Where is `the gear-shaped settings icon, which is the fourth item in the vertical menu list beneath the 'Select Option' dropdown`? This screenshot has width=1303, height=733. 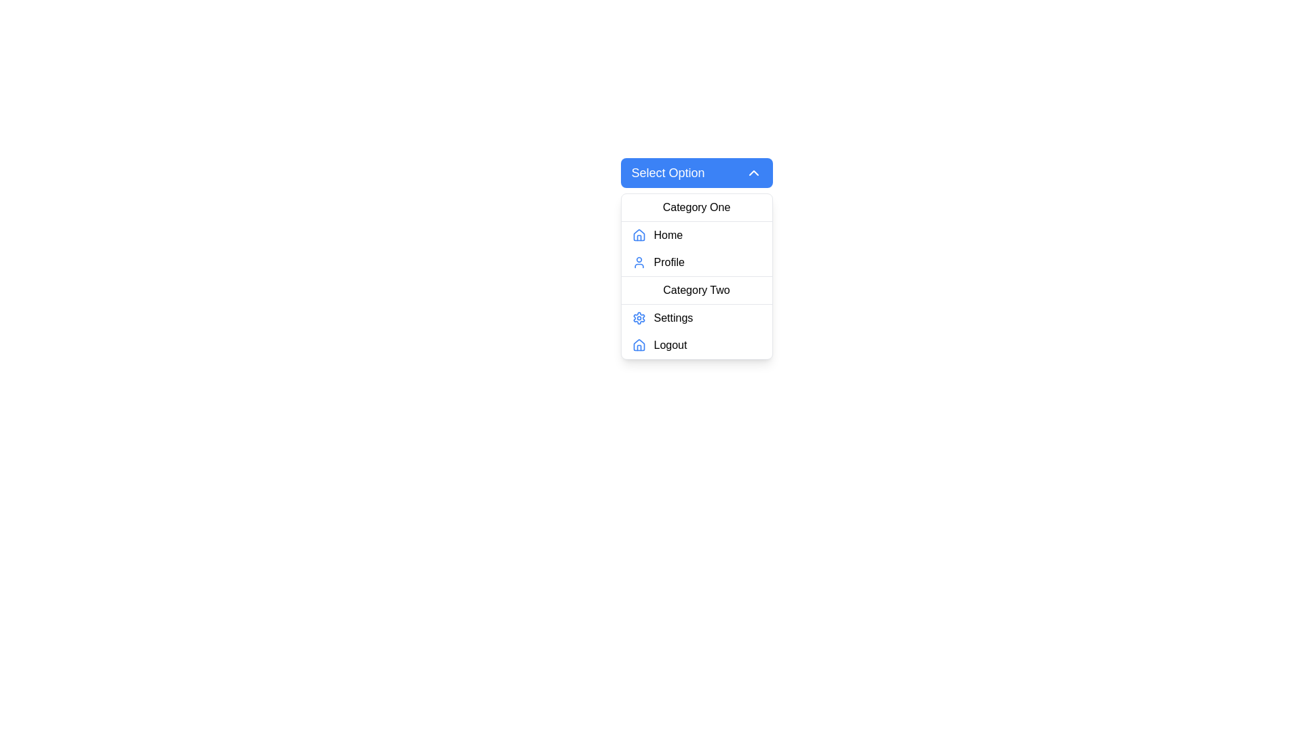 the gear-shaped settings icon, which is the fourth item in the vertical menu list beneath the 'Select Option' dropdown is located at coordinates (638, 318).